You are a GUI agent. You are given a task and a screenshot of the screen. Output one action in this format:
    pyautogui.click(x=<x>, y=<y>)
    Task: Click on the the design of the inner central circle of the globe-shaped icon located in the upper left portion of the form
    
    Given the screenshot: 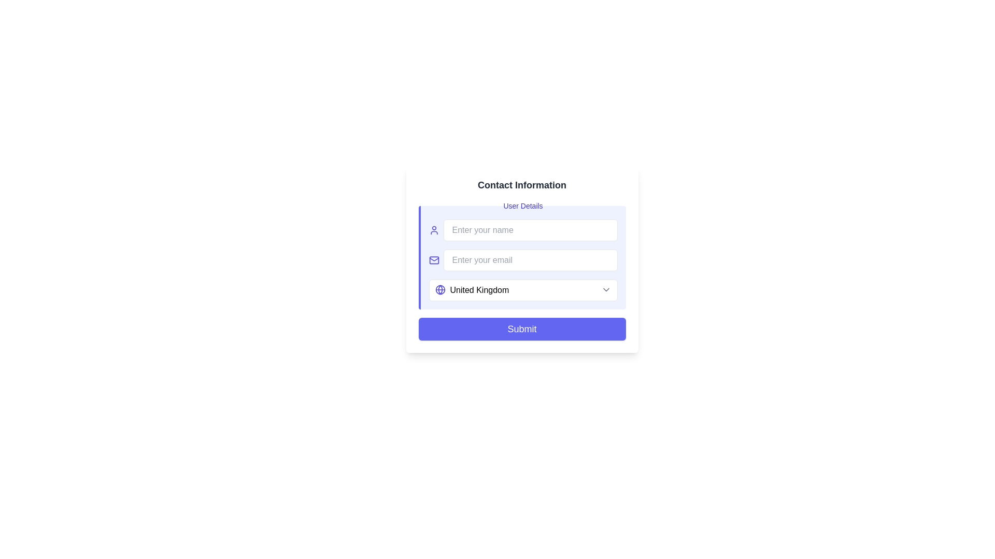 What is the action you would take?
    pyautogui.click(x=440, y=289)
    